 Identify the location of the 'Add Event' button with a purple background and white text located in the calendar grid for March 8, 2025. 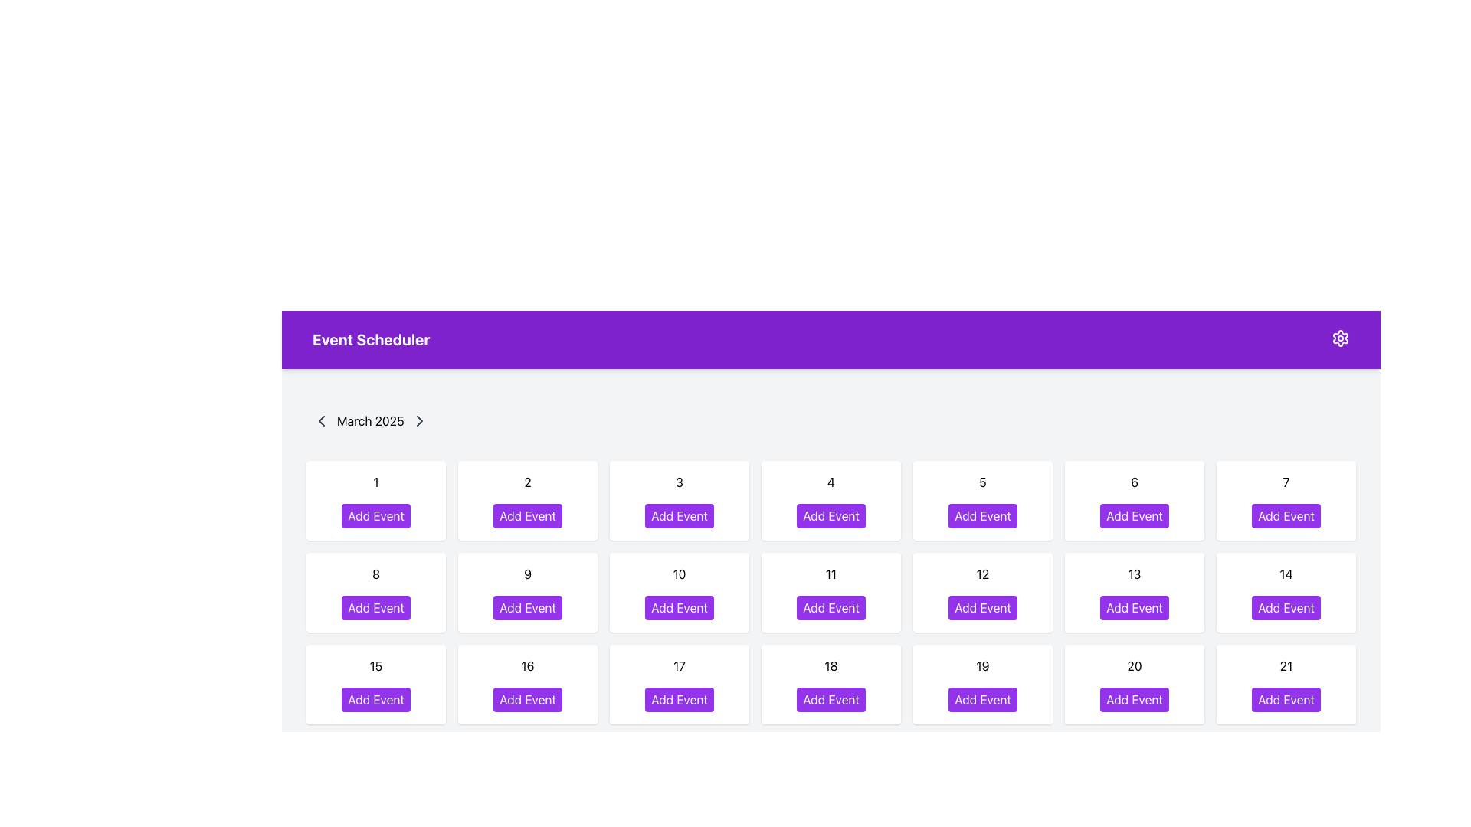
(375, 607).